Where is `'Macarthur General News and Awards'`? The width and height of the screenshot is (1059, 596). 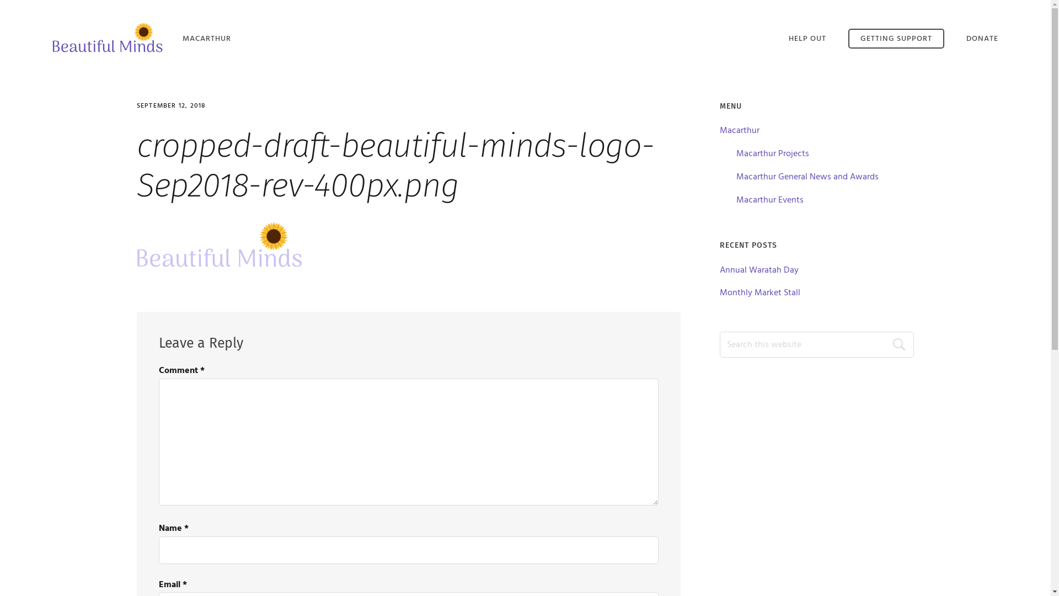
'Macarthur General News and Awards' is located at coordinates (736, 176).